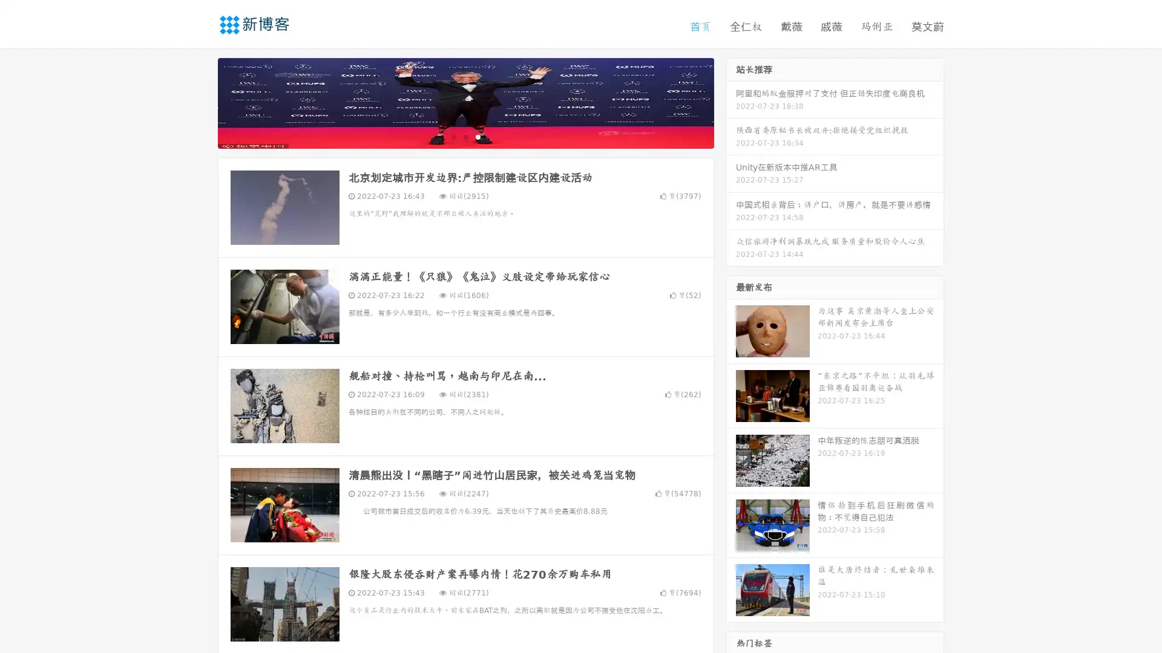  What do you see at coordinates (478, 136) in the screenshot?
I see `Go to slide 3` at bounding box center [478, 136].